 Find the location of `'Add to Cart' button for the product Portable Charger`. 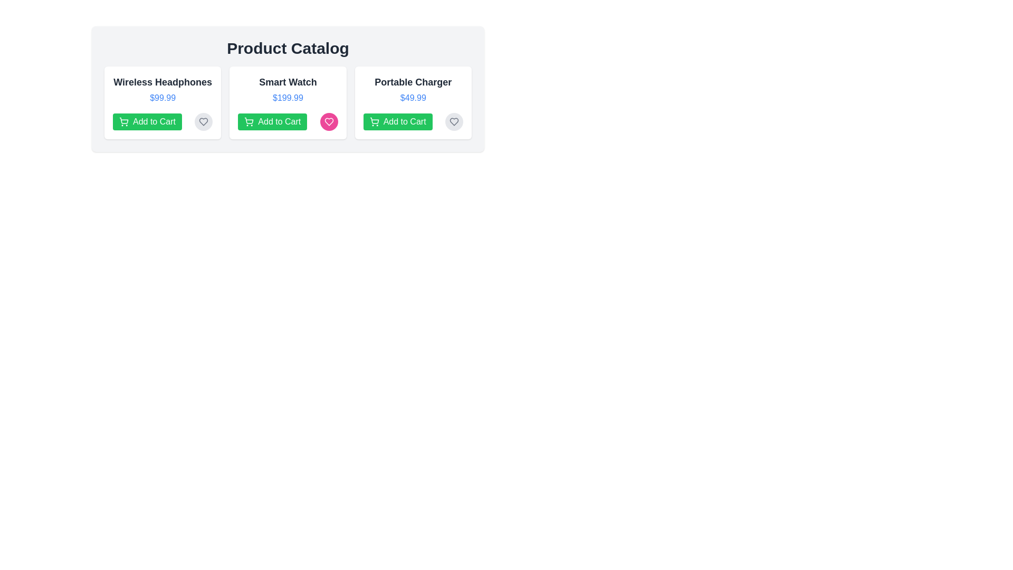

'Add to Cart' button for the product Portable Charger is located at coordinates (397, 121).